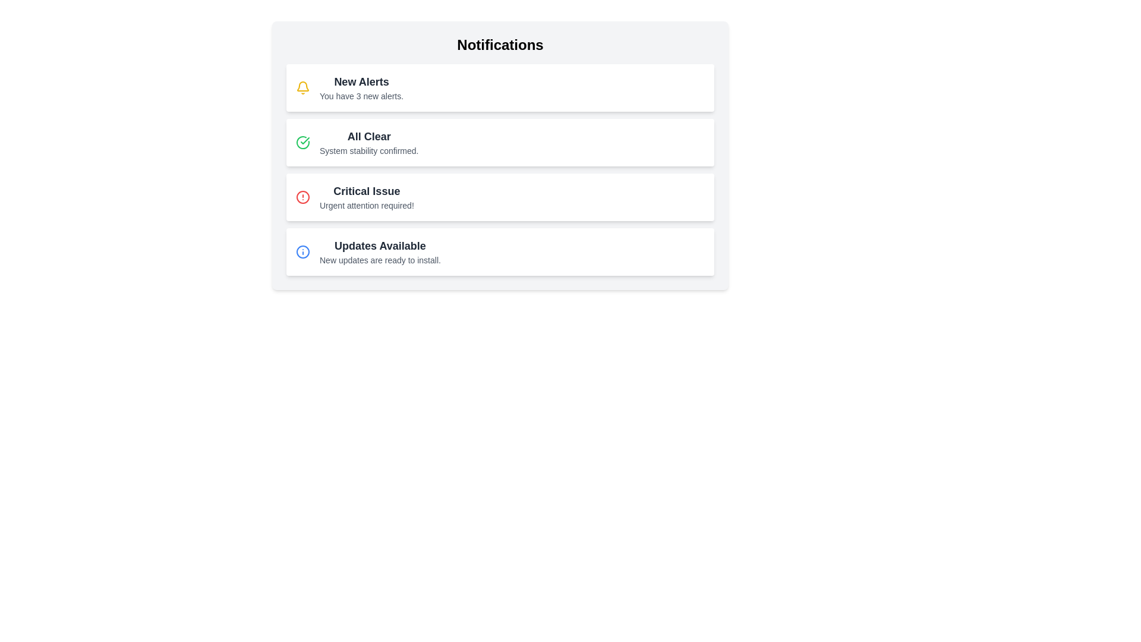  Describe the element at coordinates (366, 190) in the screenshot. I see `text label displaying the notification title, which is the first text component in the third notification item of the Notifications list` at that location.